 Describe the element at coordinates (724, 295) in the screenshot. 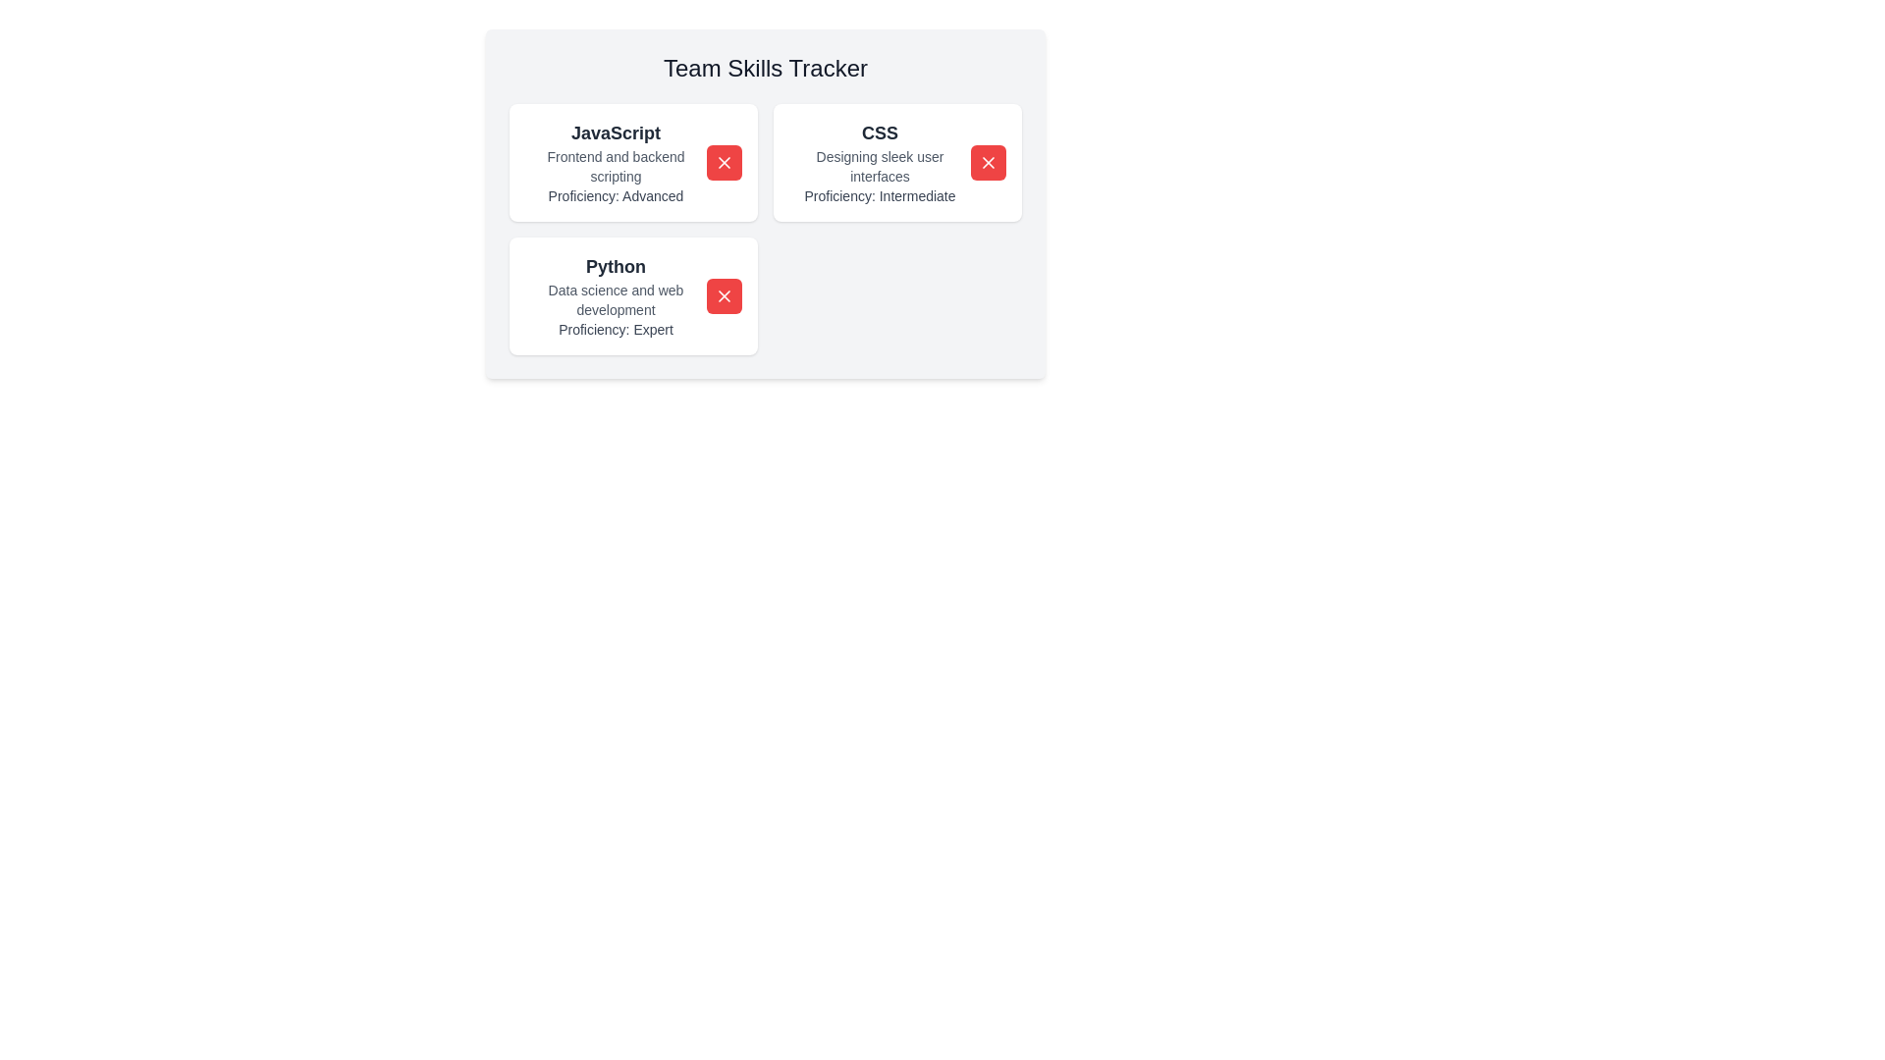

I see `red 'X' button on the skill card for Python` at that location.